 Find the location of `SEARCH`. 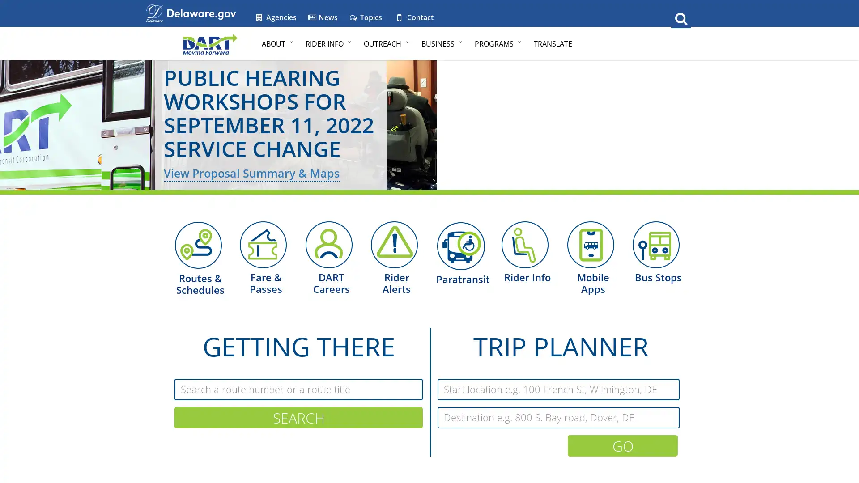

SEARCH is located at coordinates (298, 417).